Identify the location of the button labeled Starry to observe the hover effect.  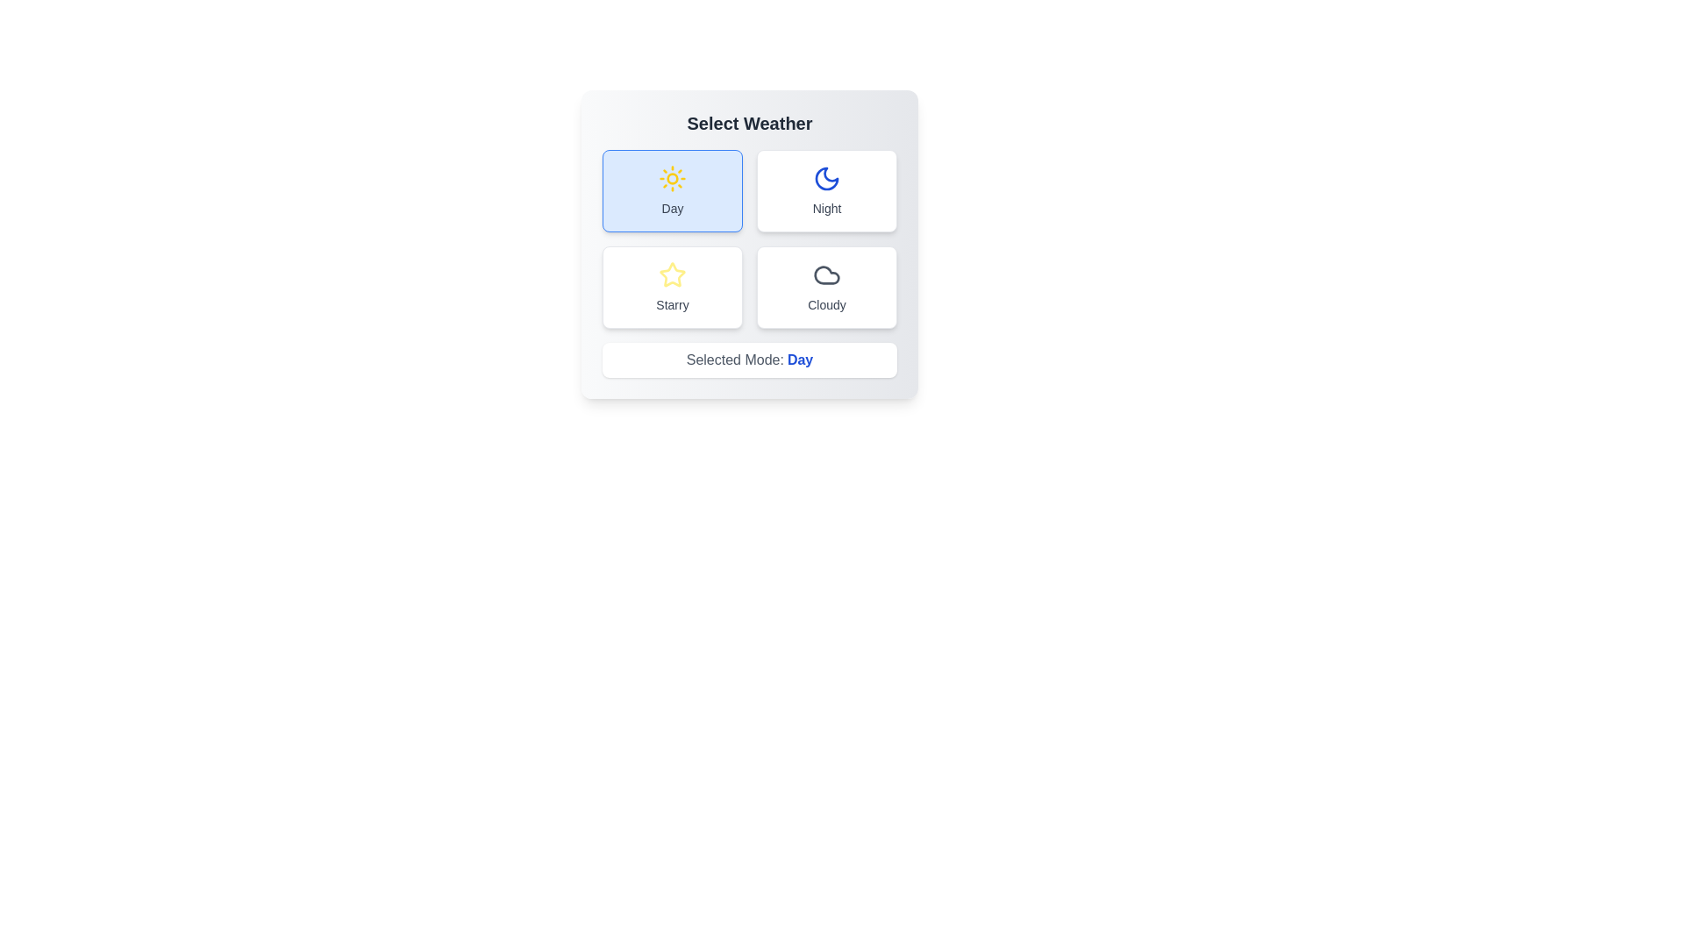
(672, 286).